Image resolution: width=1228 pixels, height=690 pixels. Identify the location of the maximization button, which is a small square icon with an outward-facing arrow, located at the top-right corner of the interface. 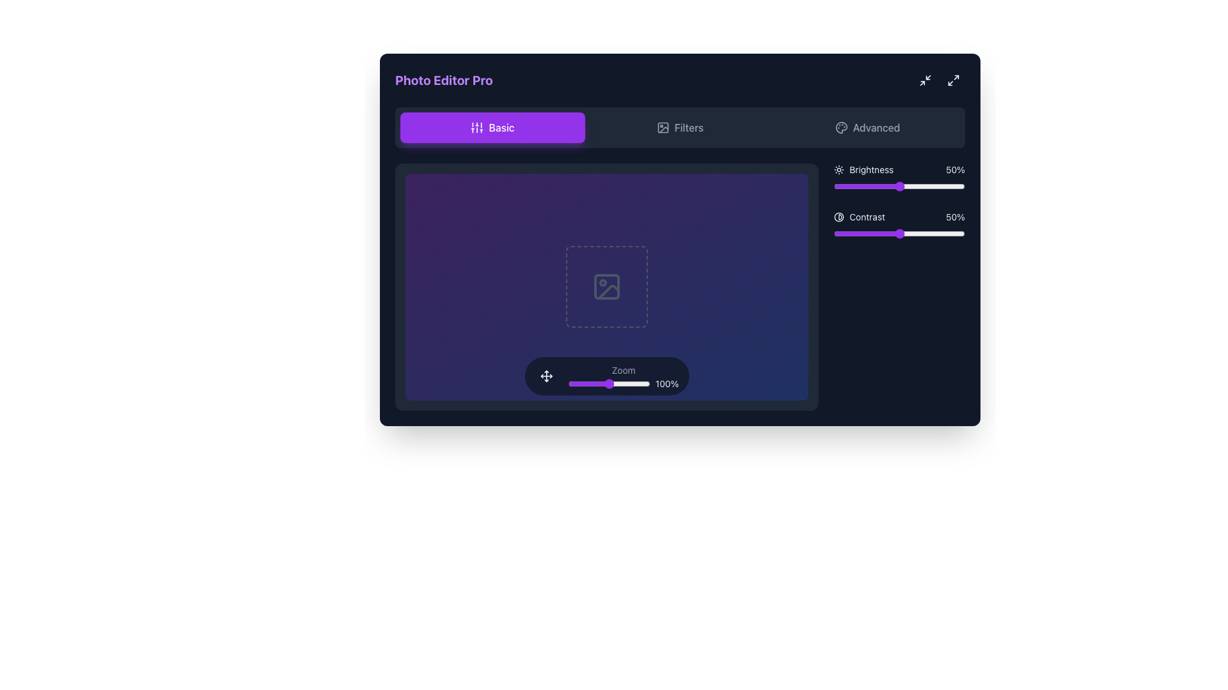
(954, 80).